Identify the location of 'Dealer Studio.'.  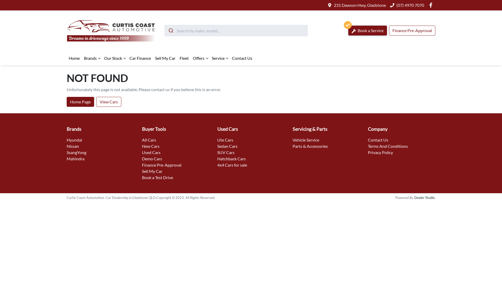
(425, 197).